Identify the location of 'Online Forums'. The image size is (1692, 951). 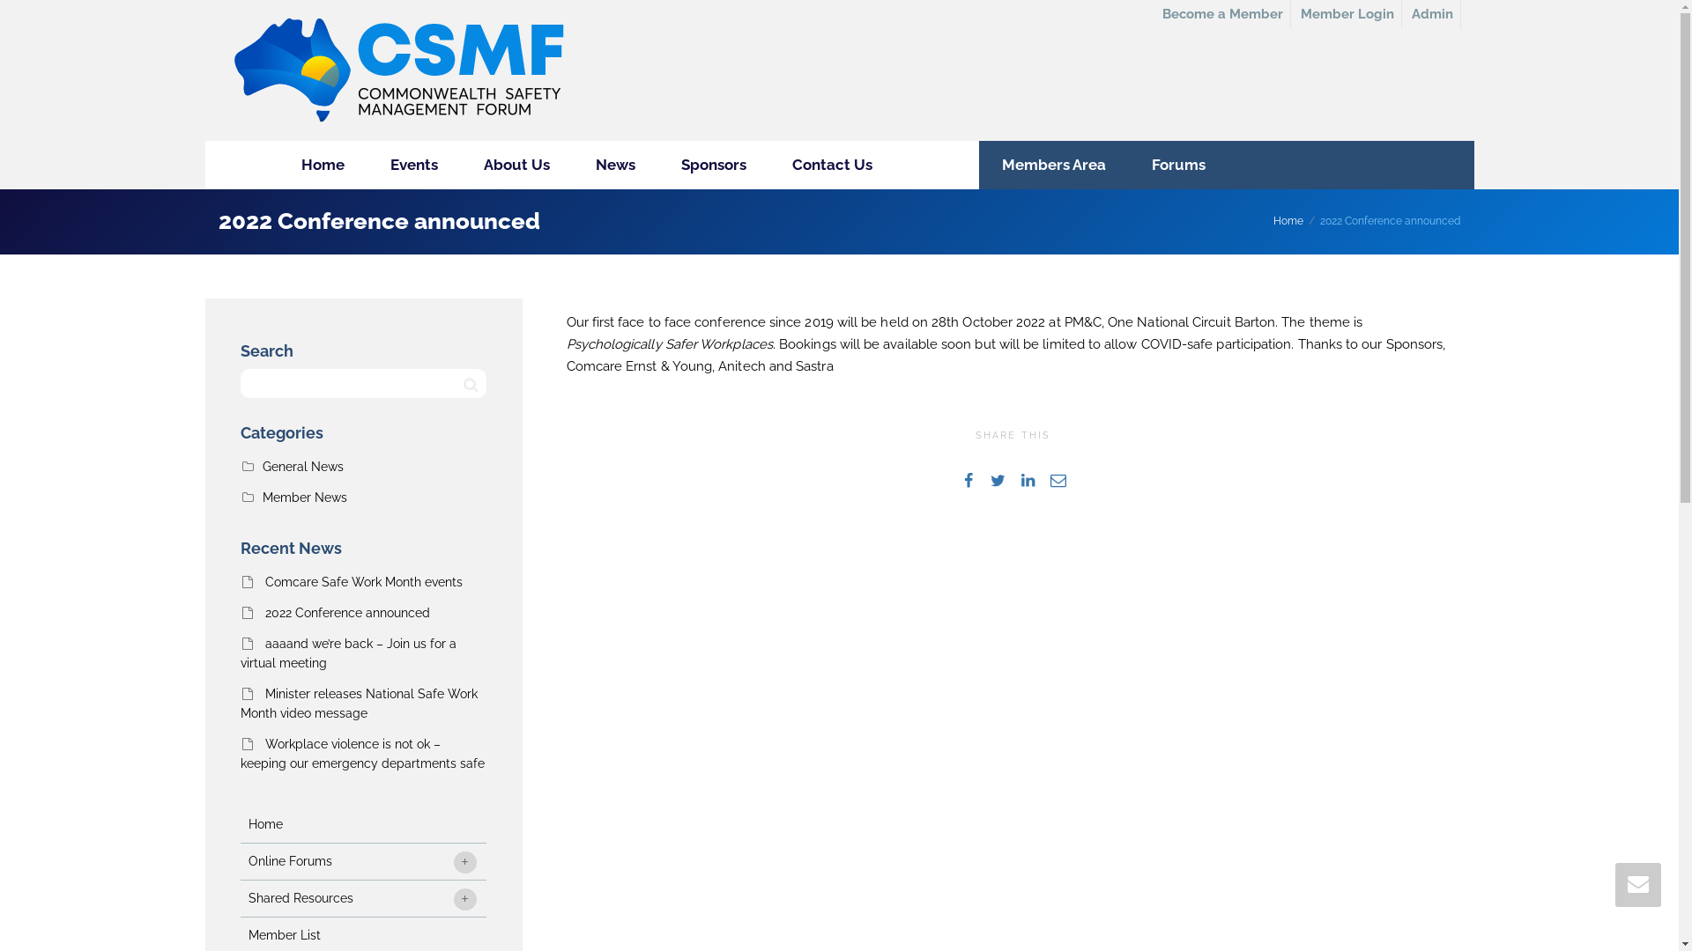
(361, 860).